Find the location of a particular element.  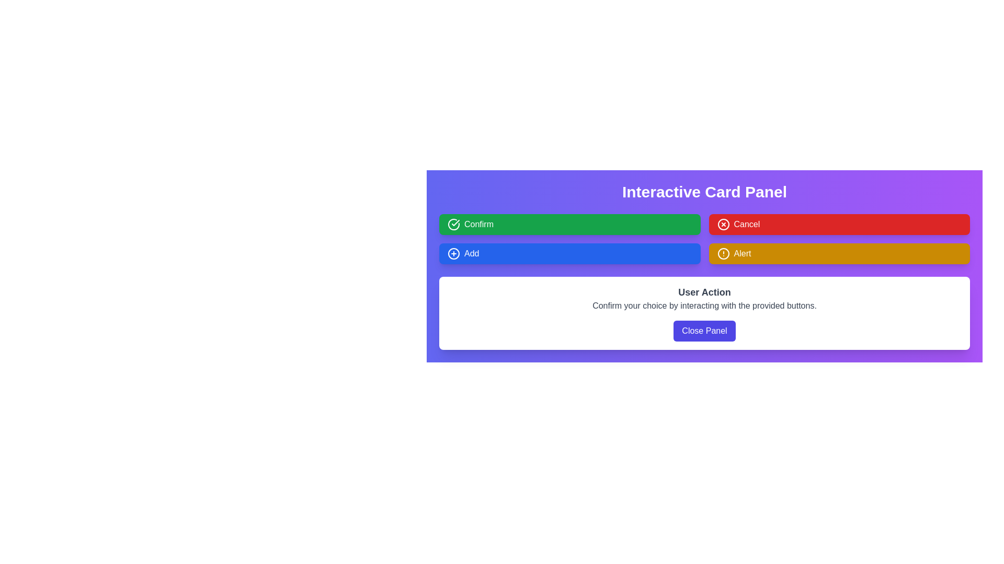

the plus sign icon, which is an SVG graphic enclosed in a circle is located at coordinates (454, 254).